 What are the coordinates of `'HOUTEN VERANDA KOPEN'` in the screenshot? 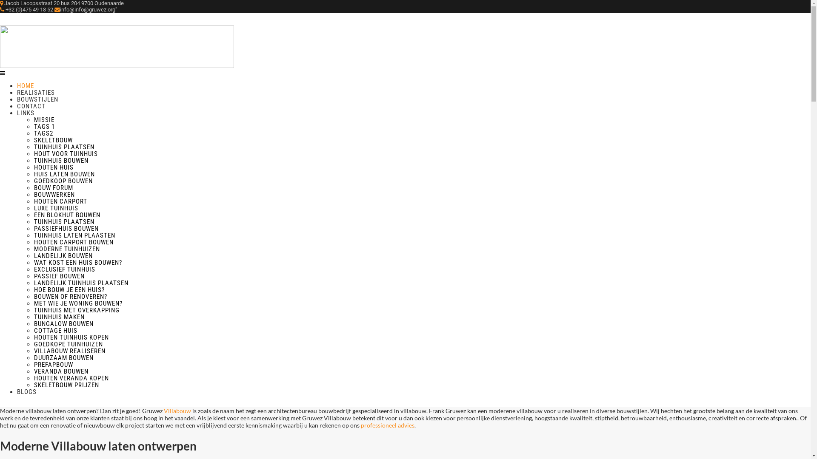 It's located at (71, 378).